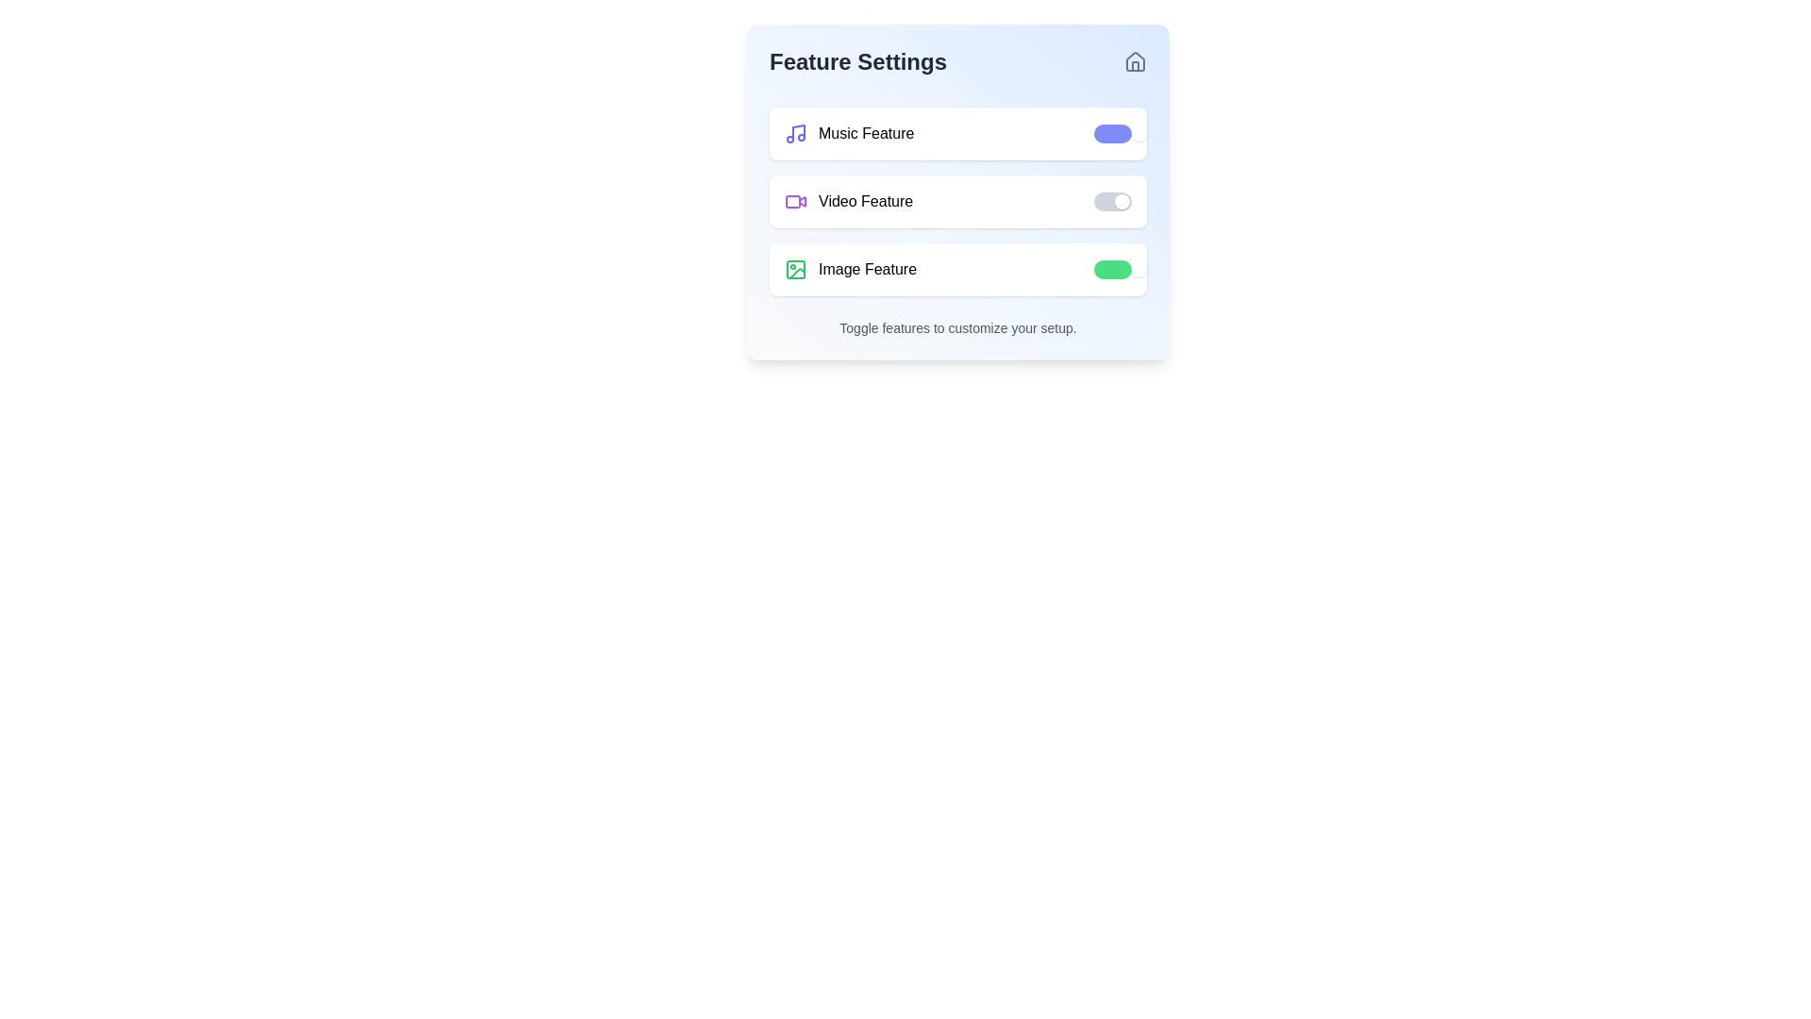 Image resolution: width=1811 pixels, height=1019 pixels. Describe the element at coordinates (796, 269) in the screenshot. I see `the image processing icon located to the left of the 'Image Feature' label, which is centered in the interface` at that location.